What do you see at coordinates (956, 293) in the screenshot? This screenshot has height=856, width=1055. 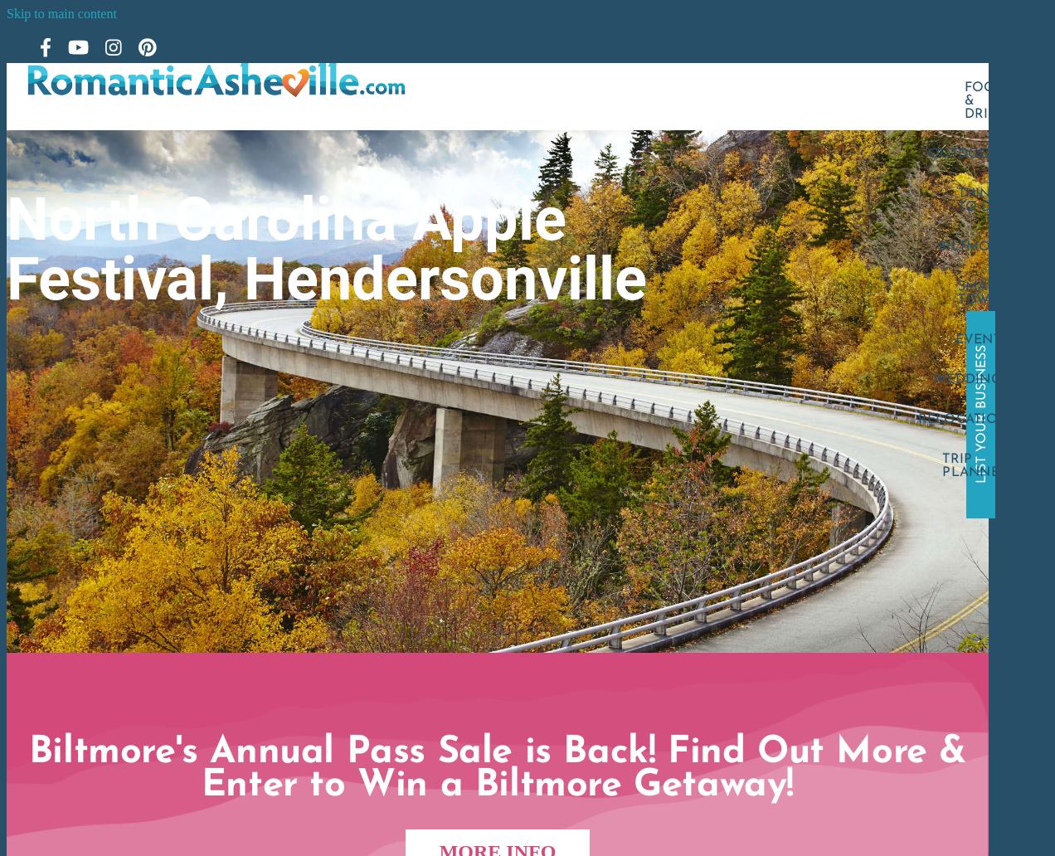 I see `'Small Towns'` at bounding box center [956, 293].